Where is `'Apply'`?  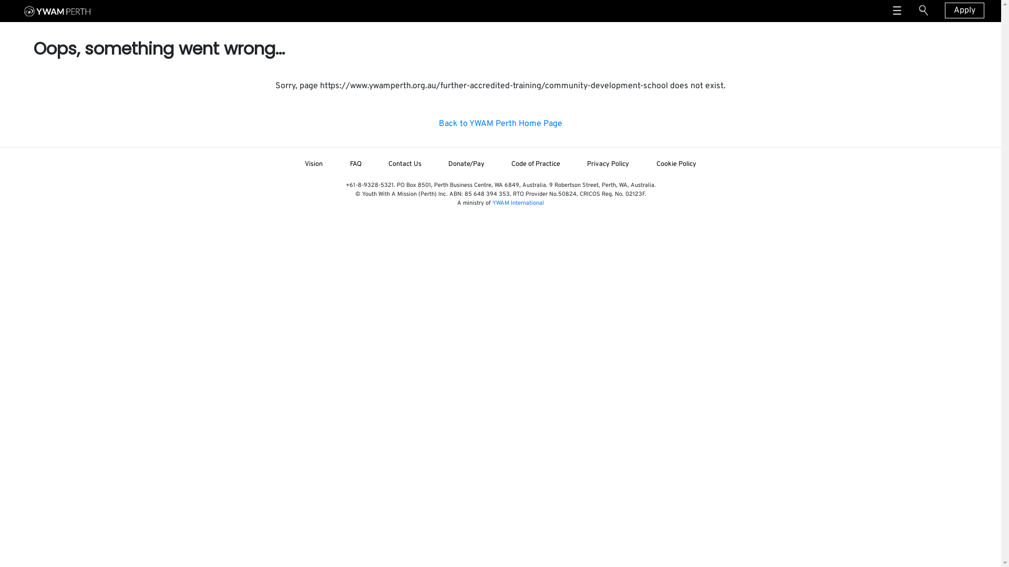 'Apply' is located at coordinates (964, 10).